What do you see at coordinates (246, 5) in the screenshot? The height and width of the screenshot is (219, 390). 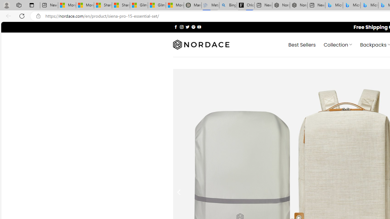 I see `'Chloe Sorvino'` at bounding box center [246, 5].